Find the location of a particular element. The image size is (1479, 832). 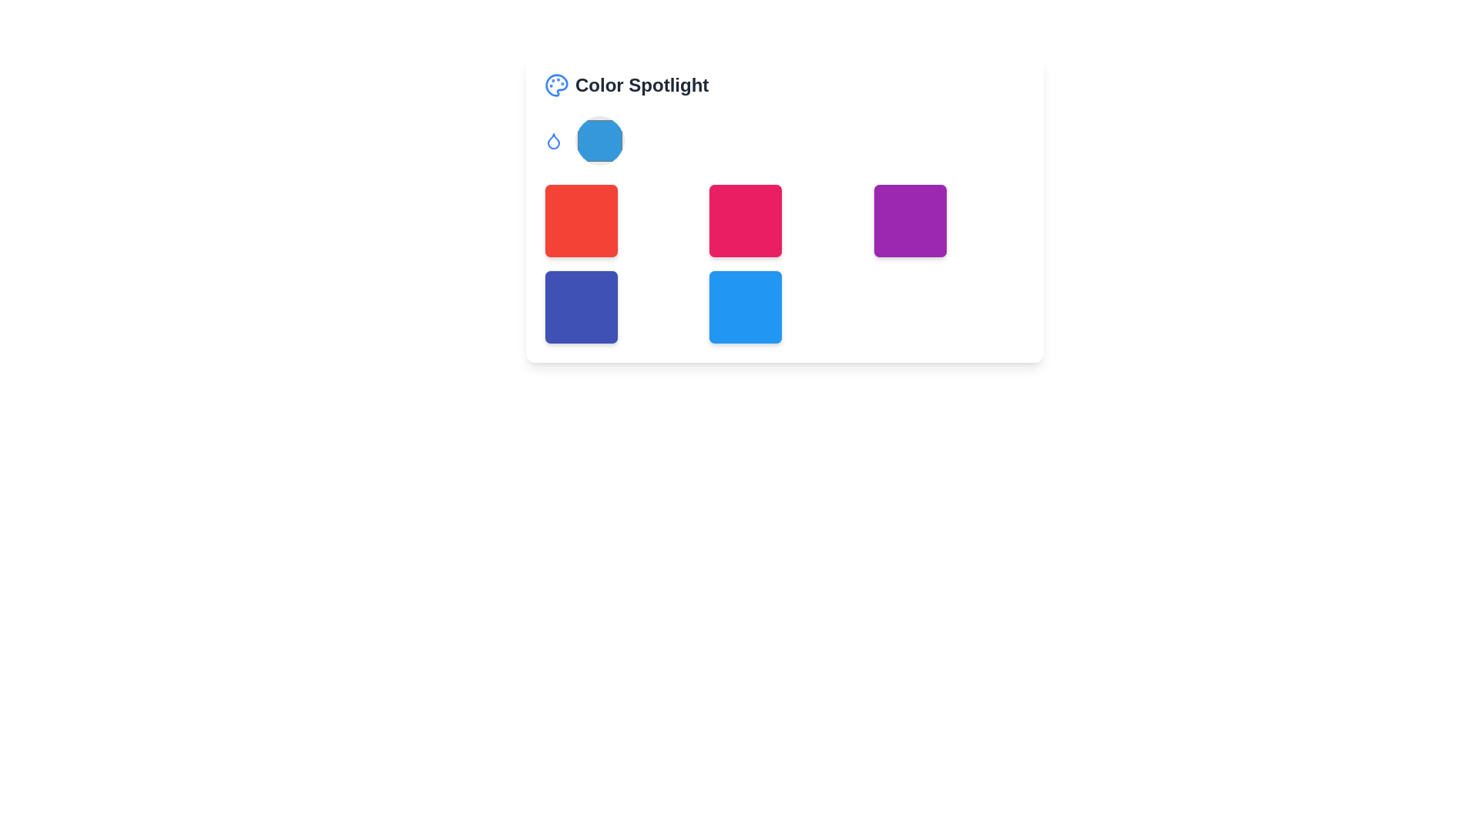

the water droplet-shaped icon with a blue outline is located at coordinates (554, 140).